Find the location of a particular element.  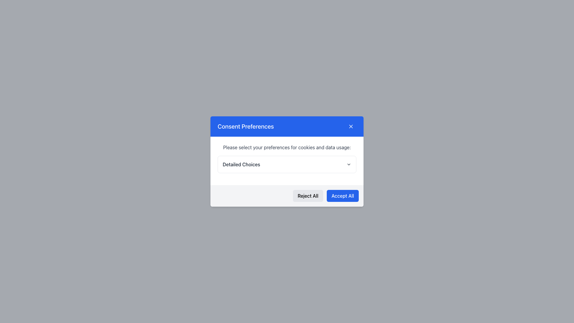

the modal dialog box is located at coordinates (287, 161).